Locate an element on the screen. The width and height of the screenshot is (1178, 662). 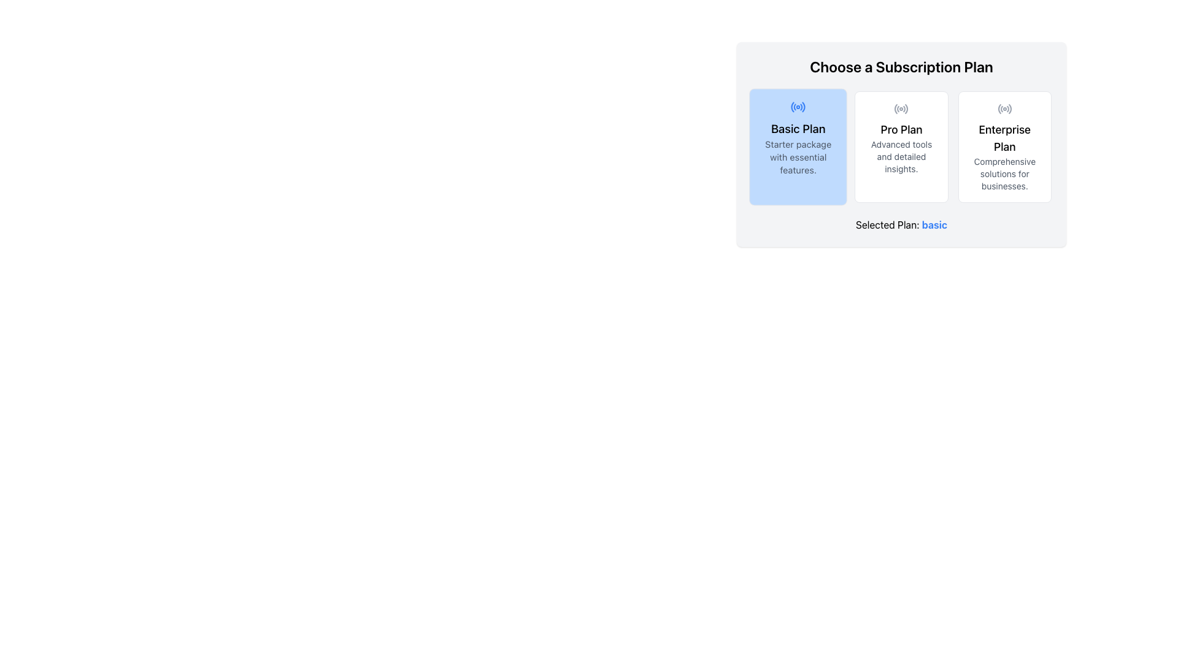
the descriptive text for the 'Pro Plan' subscription plan, which provides additional details about its features is located at coordinates (901, 156).